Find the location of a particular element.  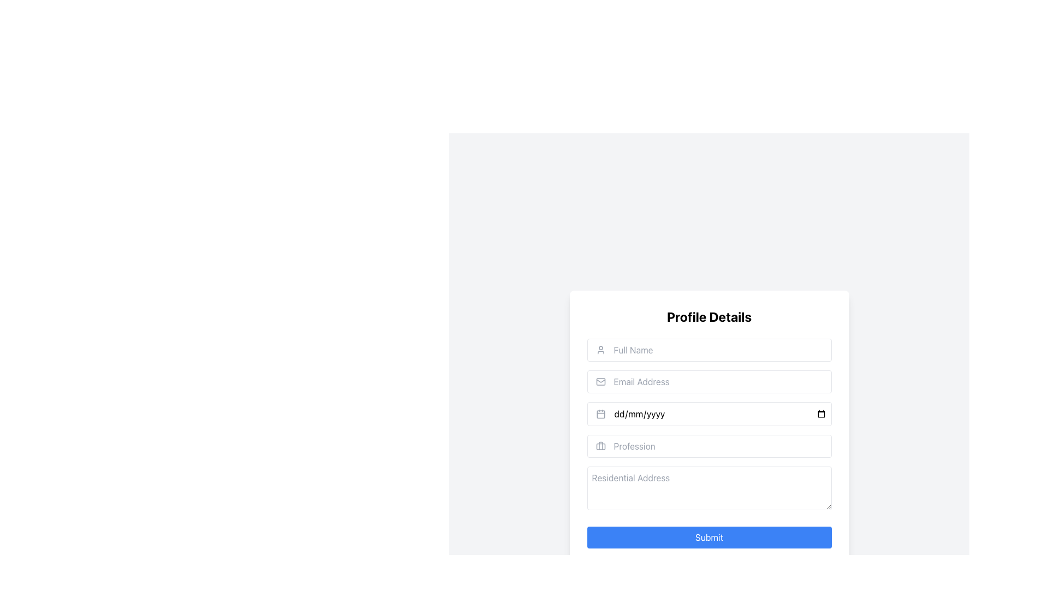

the 'Submit' button with a blue background and white text located at the bottom of the 'Profile Details' form is located at coordinates (709, 536).